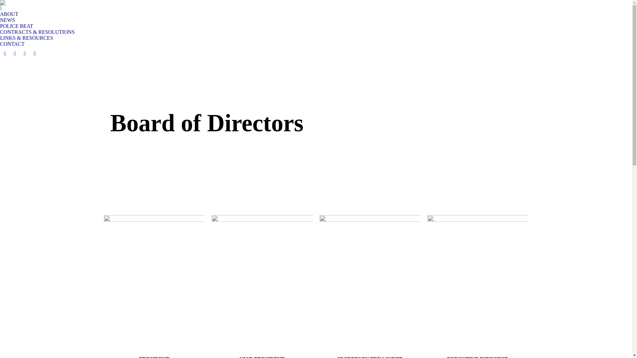 This screenshot has width=637, height=358. I want to click on 'Twitter page opens in new window', so click(15, 53).